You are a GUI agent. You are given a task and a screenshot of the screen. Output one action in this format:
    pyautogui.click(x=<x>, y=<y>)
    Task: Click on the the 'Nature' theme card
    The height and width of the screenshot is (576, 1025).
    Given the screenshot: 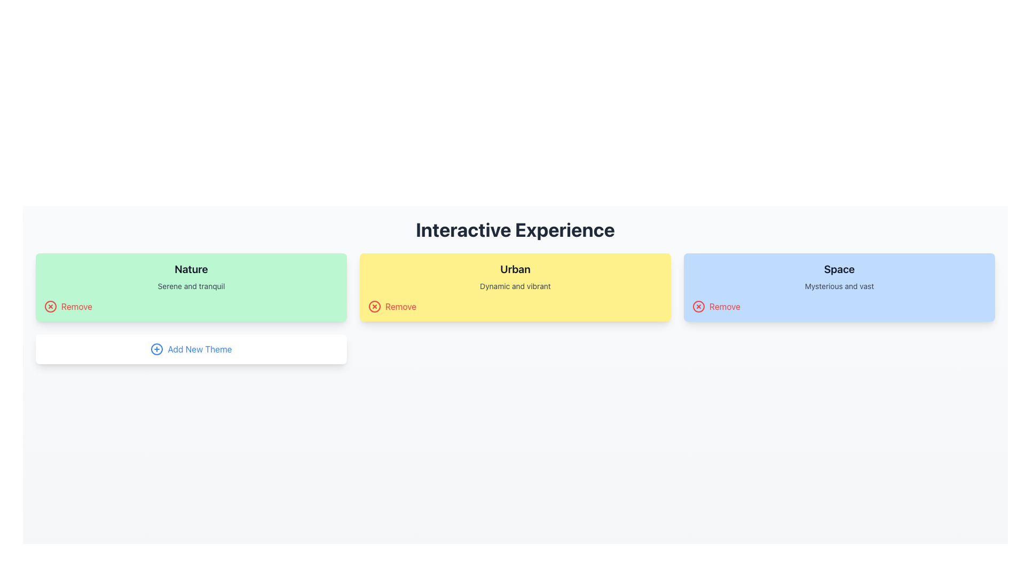 What is the action you would take?
    pyautogui.click(x=191, y=287)
    